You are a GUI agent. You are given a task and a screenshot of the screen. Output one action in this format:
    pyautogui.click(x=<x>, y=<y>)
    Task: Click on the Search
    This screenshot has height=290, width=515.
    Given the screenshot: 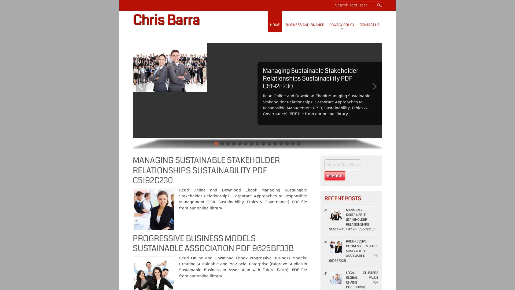 What is the action you would take?
    pyautogui.click(x=334, y=176)
    